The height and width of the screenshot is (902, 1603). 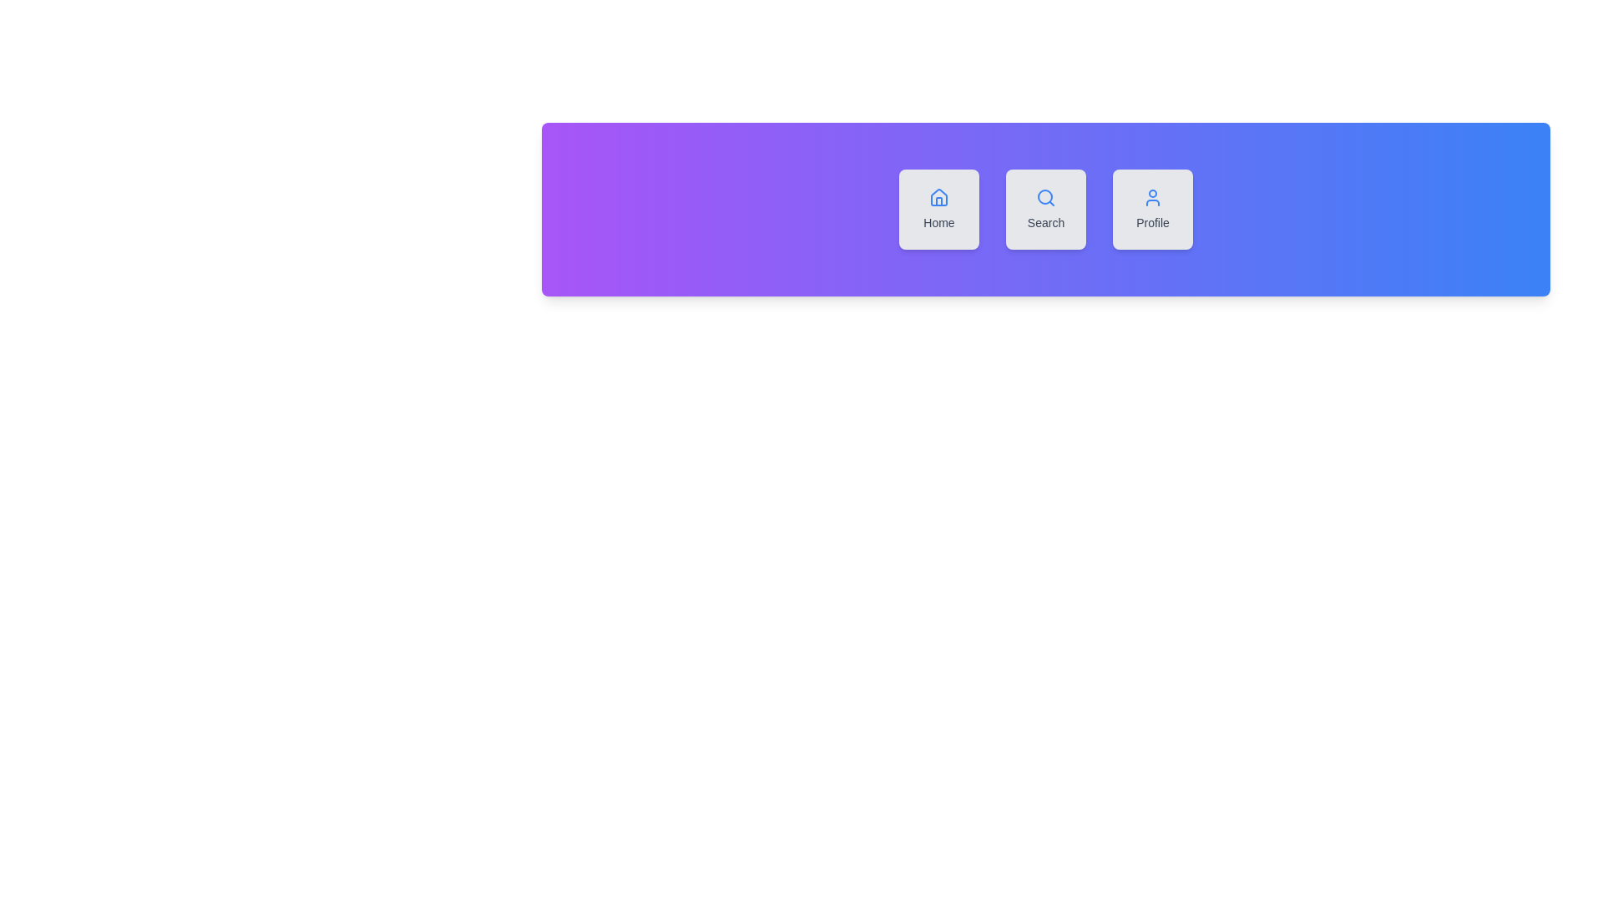 I want to click on the leftmost navigation button labeled 'Home', so click(x=938, y=208).